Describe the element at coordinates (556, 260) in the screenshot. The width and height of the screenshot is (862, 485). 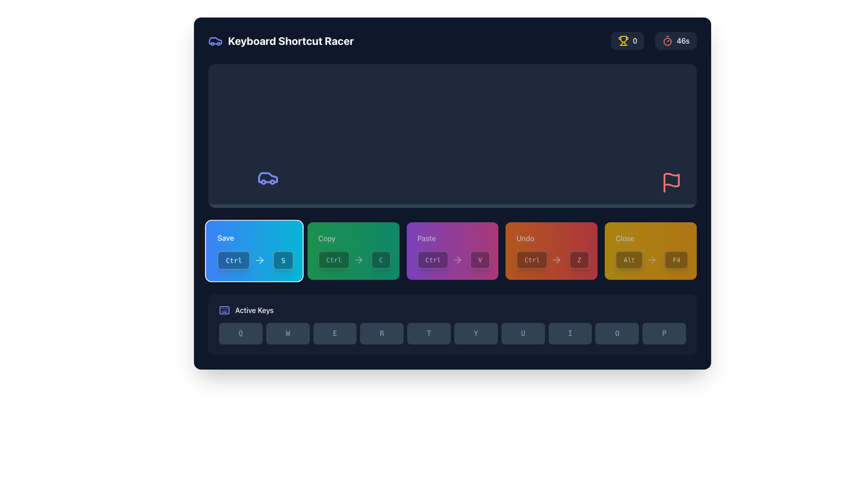
I see `the appearance of the outlined right-arrow icon located next to the text 'Ctrl' in the 'Undo' control section of the keyboard shortcut display interface` at that location.